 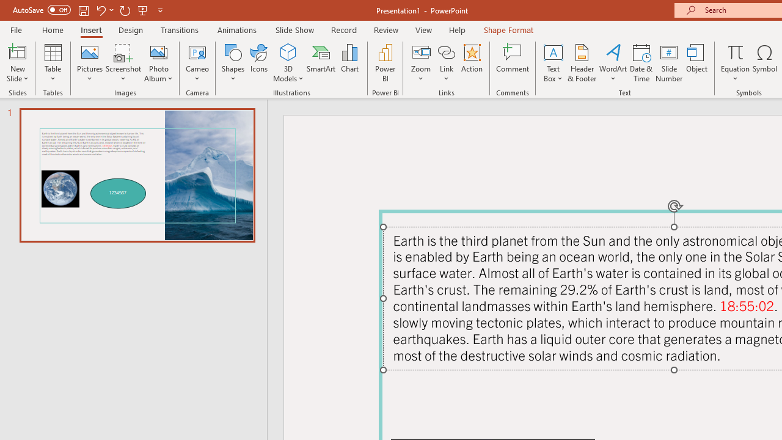 I want to click on 'Header & Footer...', so click(x=581, y=63).